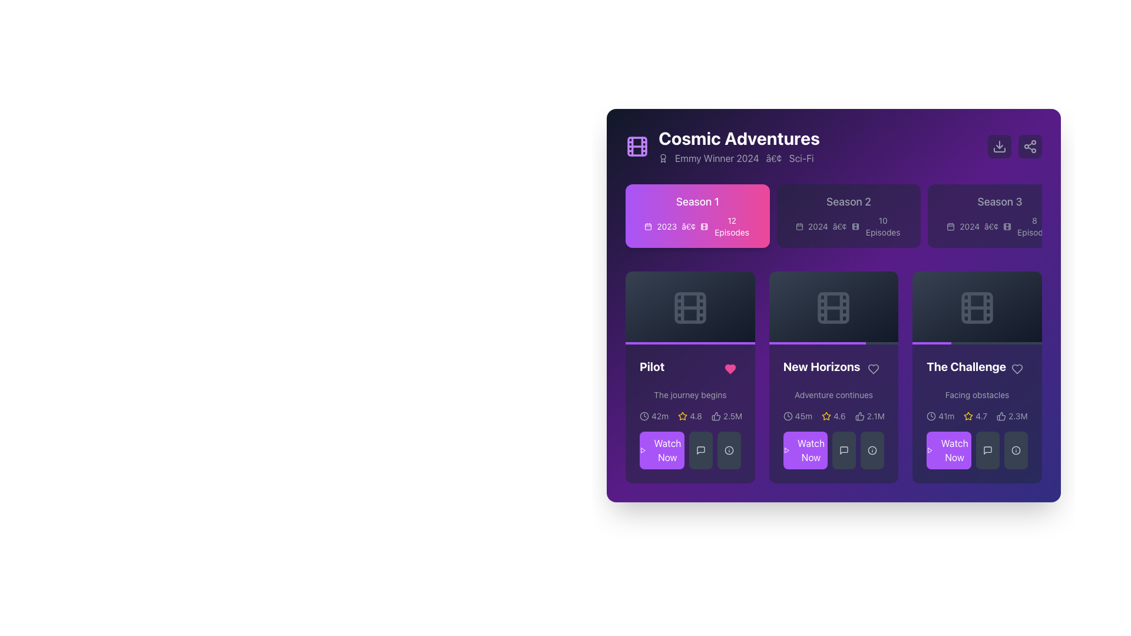 This screenshot has height=636, width=1131. Describe the element at coordinates (801, 158) in the screenshot. I see `genre information from the Text label located to the far right of the media description, which follows the text 'Emmy Winner 2024' and a separating dot symbol ('•')` at that location.